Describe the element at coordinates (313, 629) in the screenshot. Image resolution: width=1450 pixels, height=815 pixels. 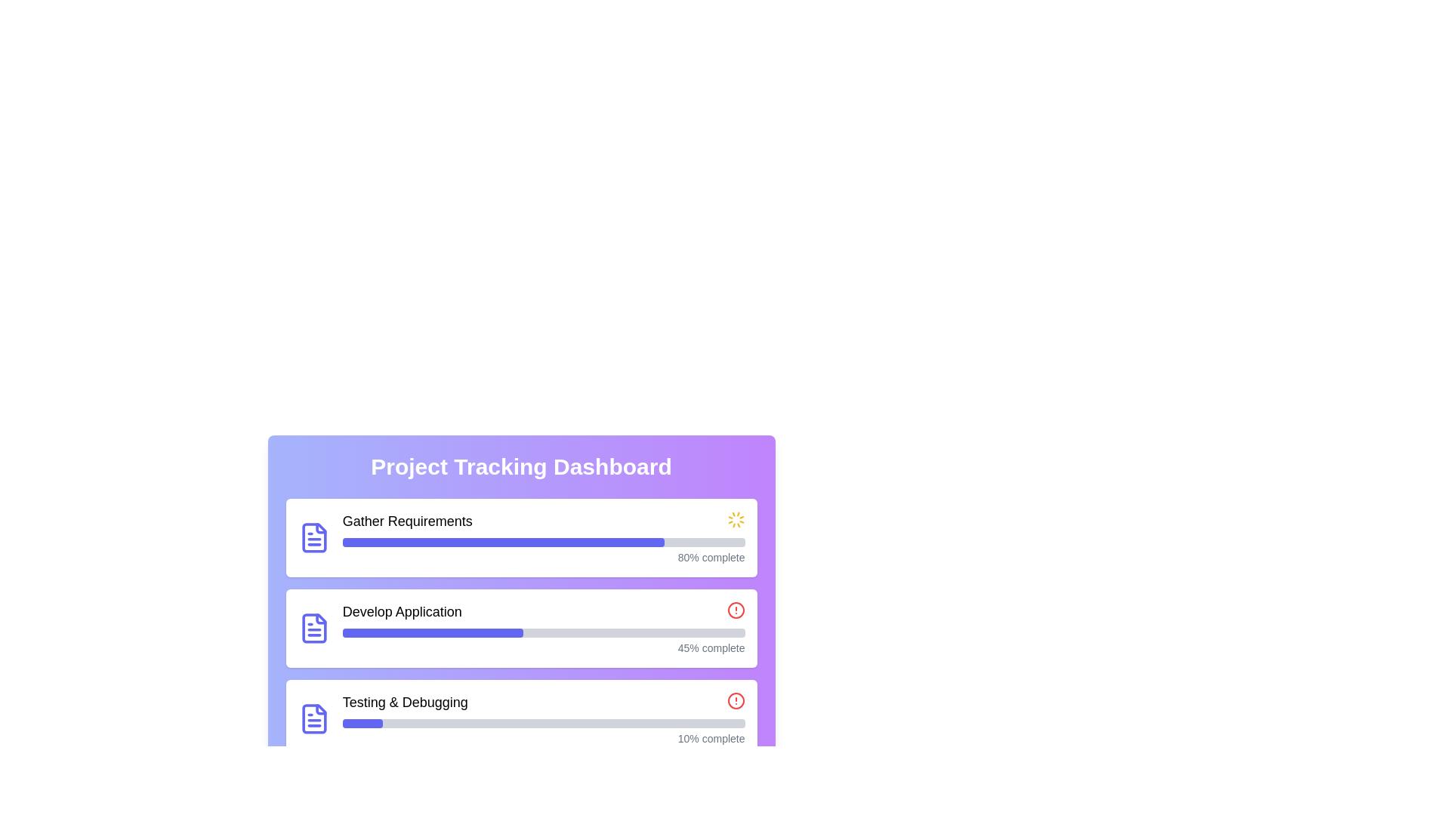
I see `the decorative SVG icon located in the second row of the vertical task progress list in the 'Project Tracking Dashboard', to the left of the 'Develop Application' label` at that location.